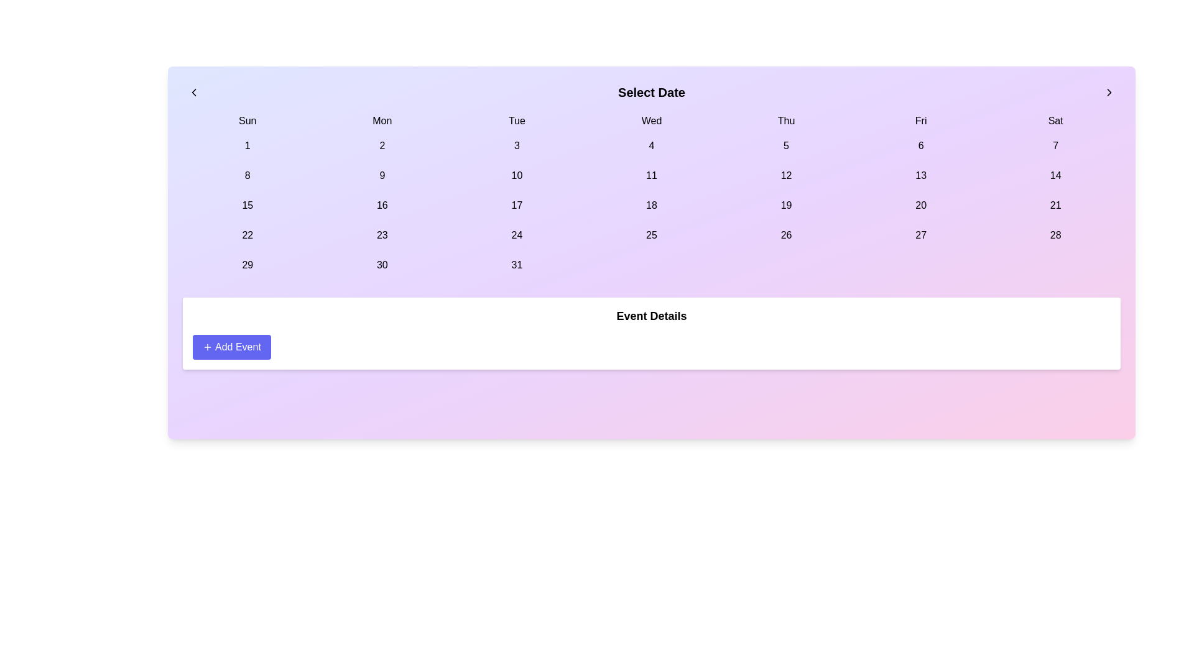 This screenshot has height=671, width=1194. Describe the element at coordinates (650, 205) in the screenshot. I see `the selectable day button in the calendar interface located in the 5th column of the 3rd row under 'Wed'` at that location.